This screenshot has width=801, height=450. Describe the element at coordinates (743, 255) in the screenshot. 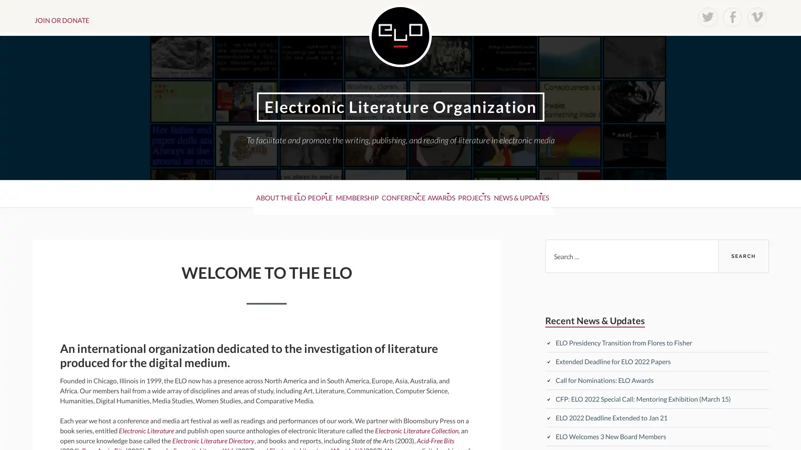

I see `Search` at that location.